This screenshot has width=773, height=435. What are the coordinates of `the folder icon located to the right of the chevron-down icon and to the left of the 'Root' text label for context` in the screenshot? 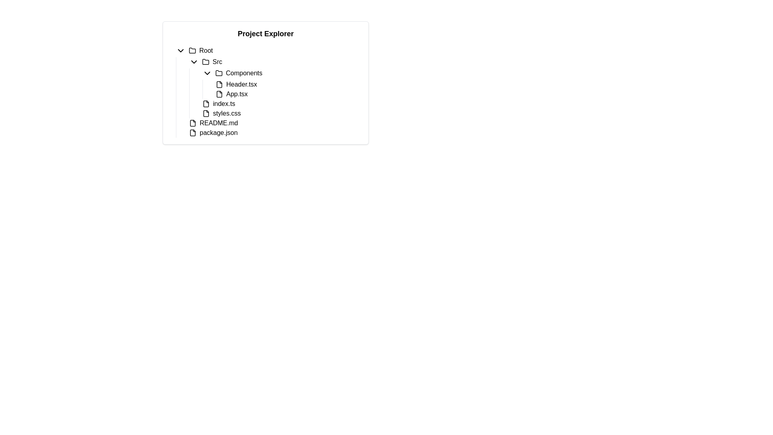 It's located at (192, 51).